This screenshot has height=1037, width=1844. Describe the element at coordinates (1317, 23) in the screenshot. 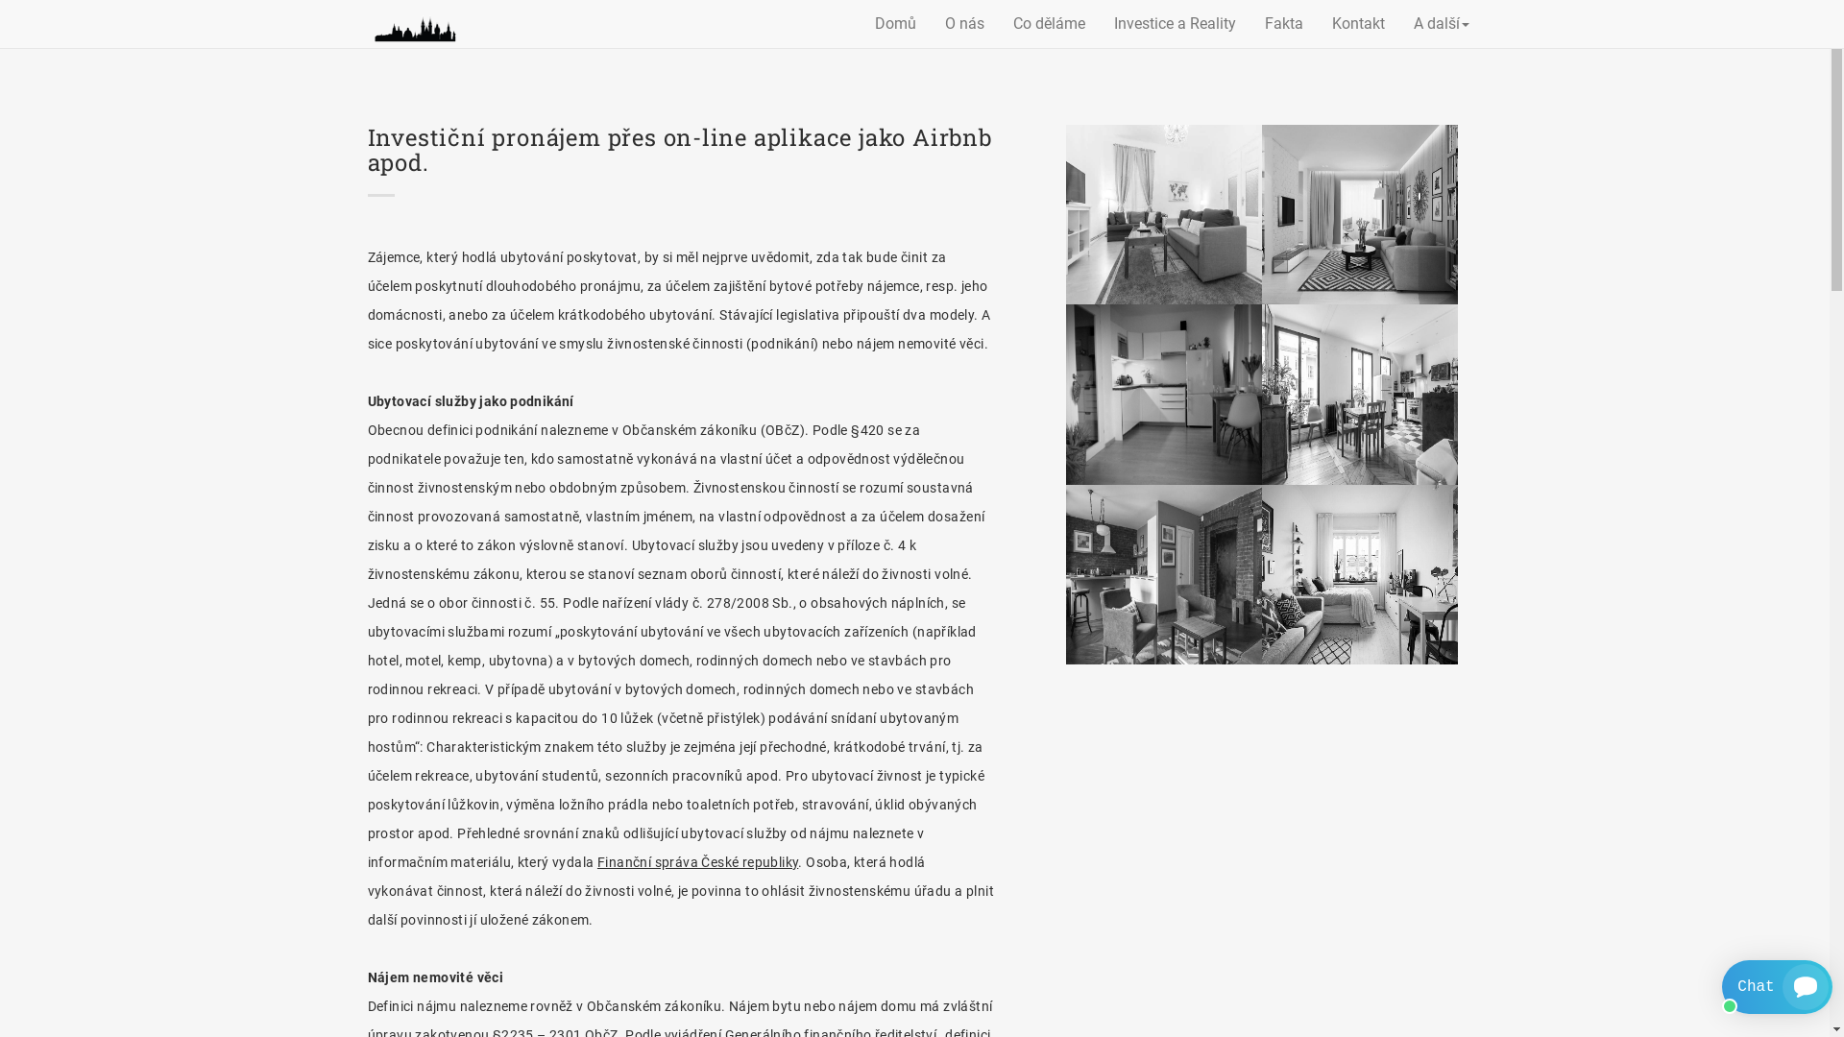

I see `'Kontakt'` at that location.